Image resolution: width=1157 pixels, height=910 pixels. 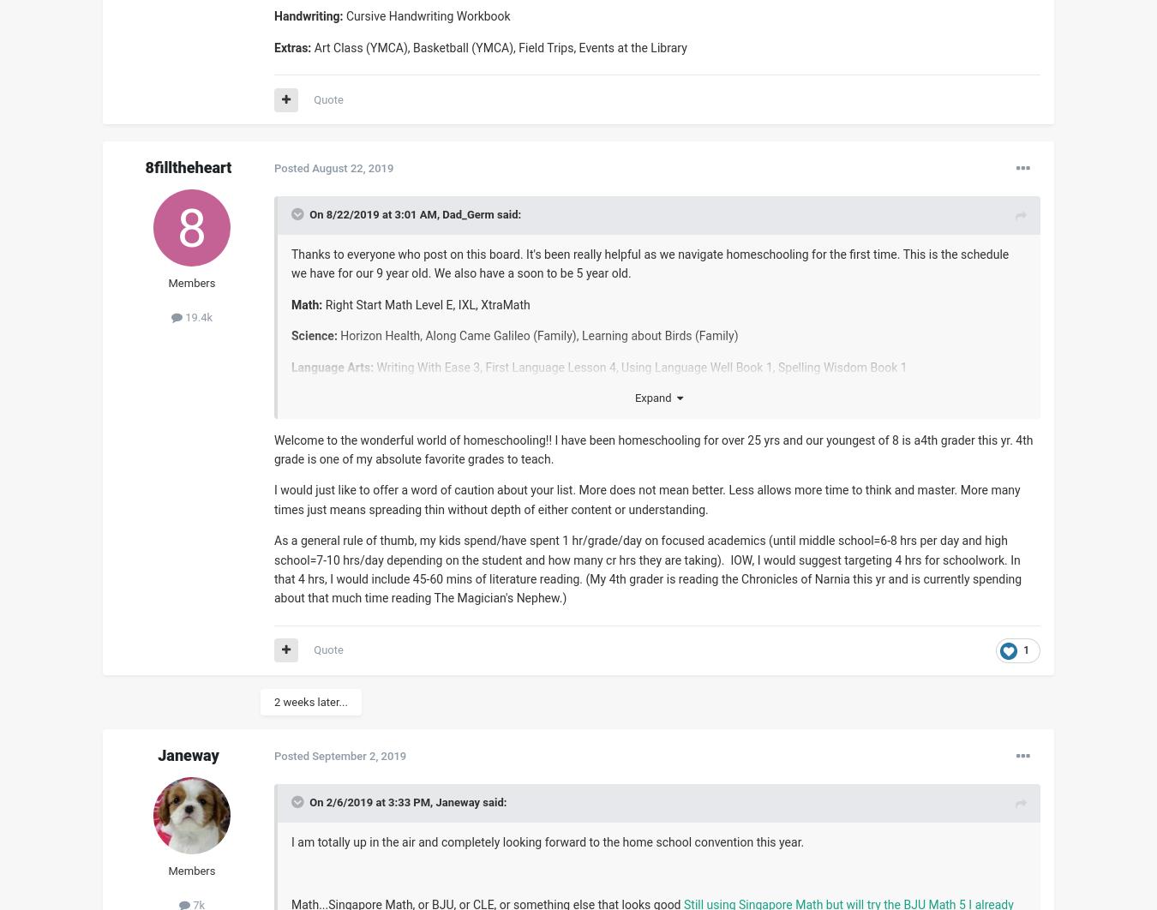 What do you see at coordinates (638, 365) in the screenshot?
I see `'Writing With Ease 3, First Language Lesson 4, Using Language Well Book 1, Spelling Wisdom Book 1'` at bounding box center [638, 365].